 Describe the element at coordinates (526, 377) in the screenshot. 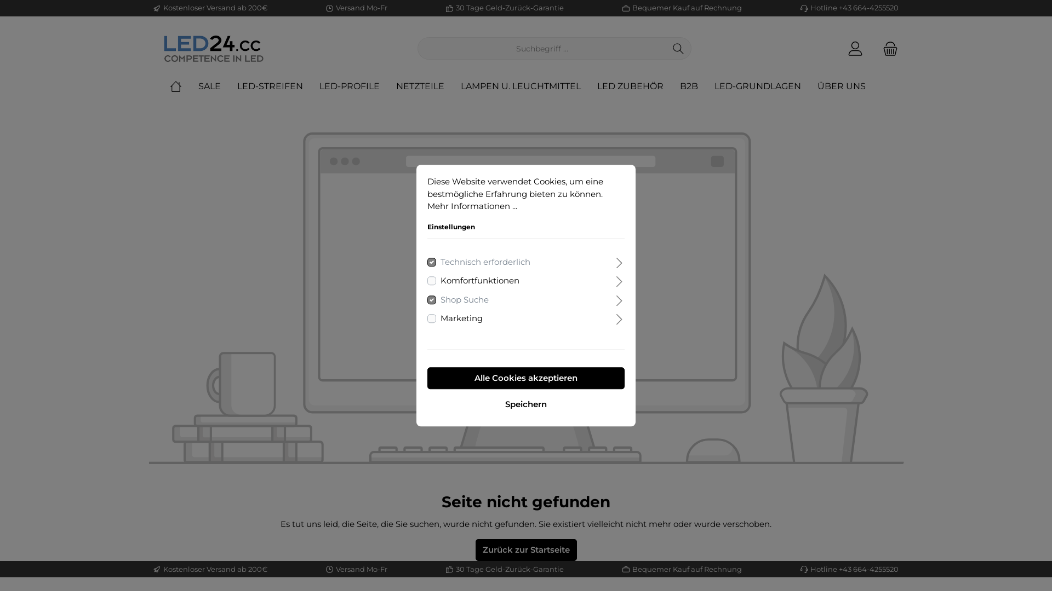

I see `'Alle Cookies akzeptieren'` at that location.